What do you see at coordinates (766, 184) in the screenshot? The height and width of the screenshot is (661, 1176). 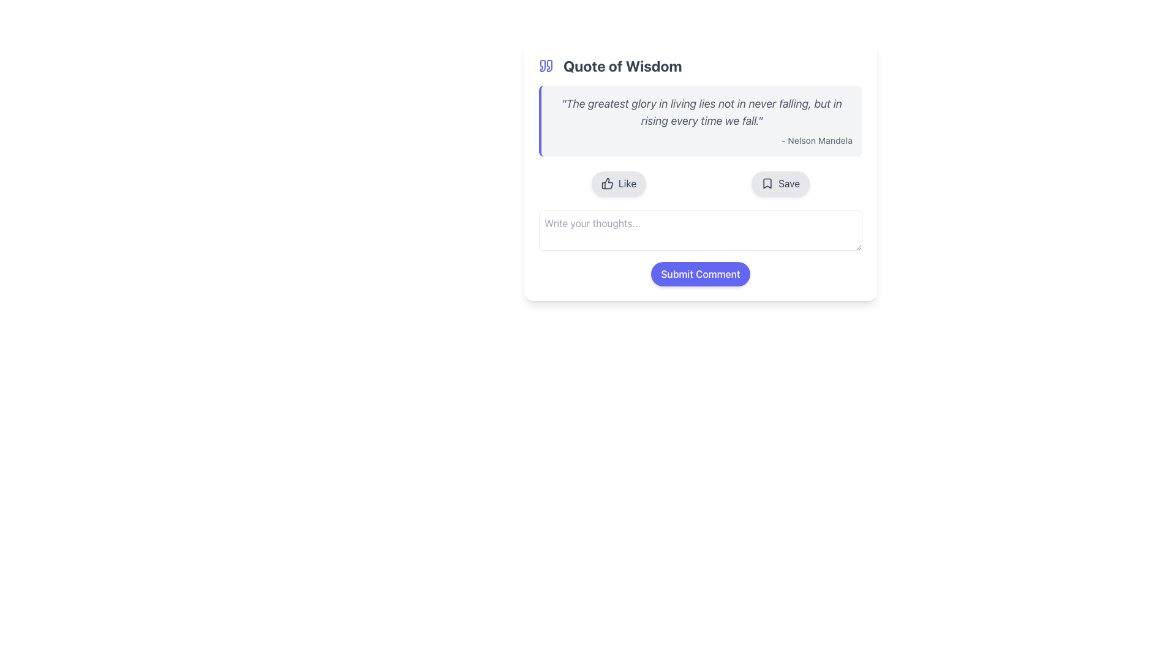 I see `the bookmark icon located inside the 'Save' button, which is positioned to the right of the 'Like' button under the quote section` at bounding box center [766, 184].